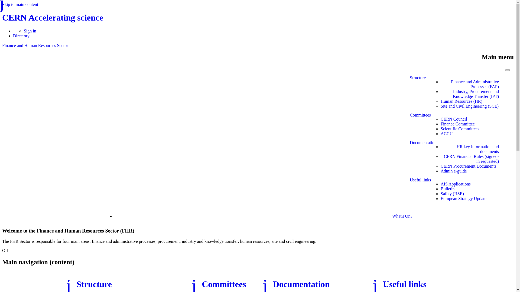 This screenshot has height=292, width=520. I want to click on 'Directory', so click(21, 36).